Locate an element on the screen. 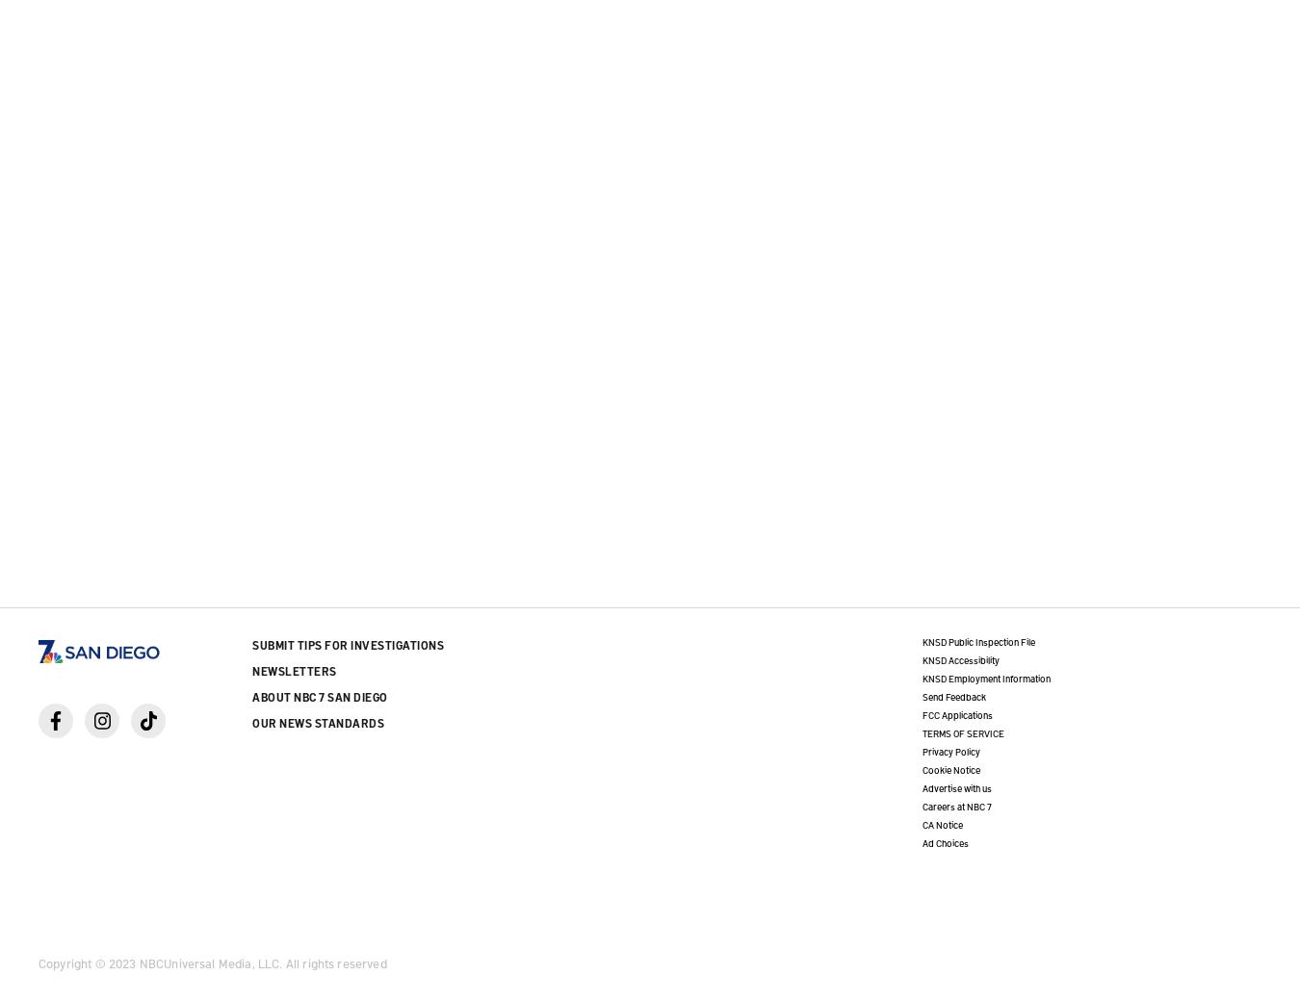 The image size is (1300, 1001). 'KNSD Public Inspection File' is located at coordinates (921, 641).